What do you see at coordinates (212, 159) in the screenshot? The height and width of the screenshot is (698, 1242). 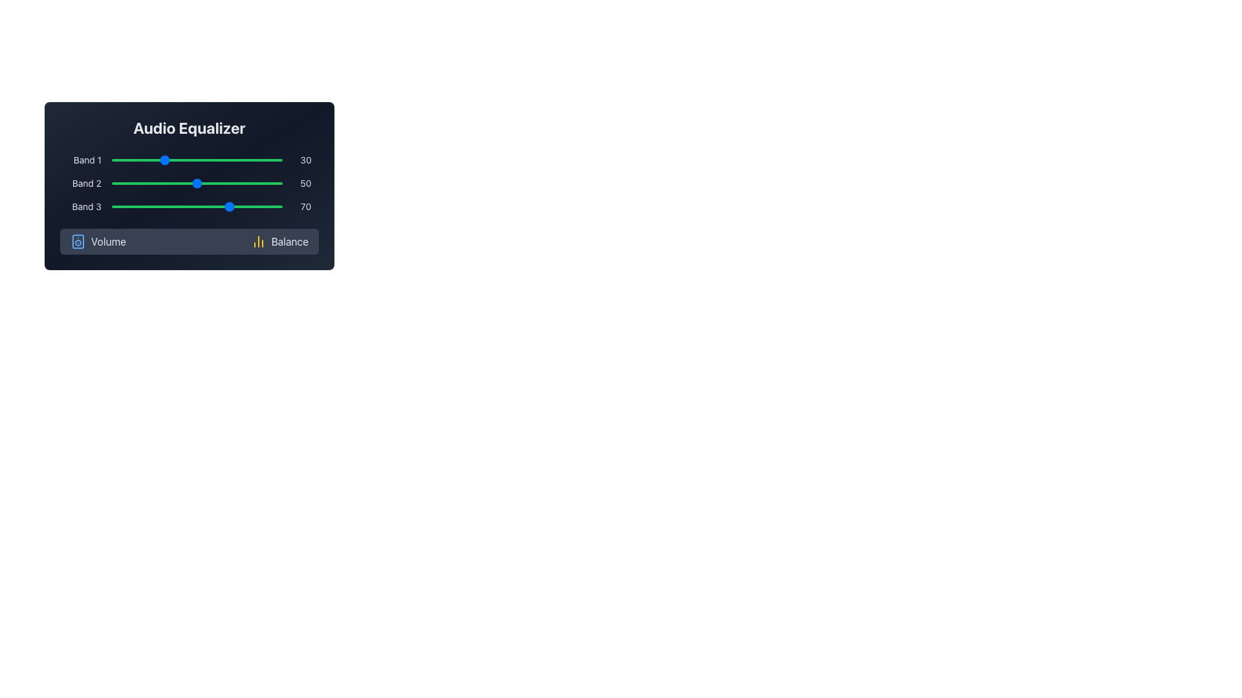 I see `the slider labeled 'Band 1'` at bounding box center [212, 159].